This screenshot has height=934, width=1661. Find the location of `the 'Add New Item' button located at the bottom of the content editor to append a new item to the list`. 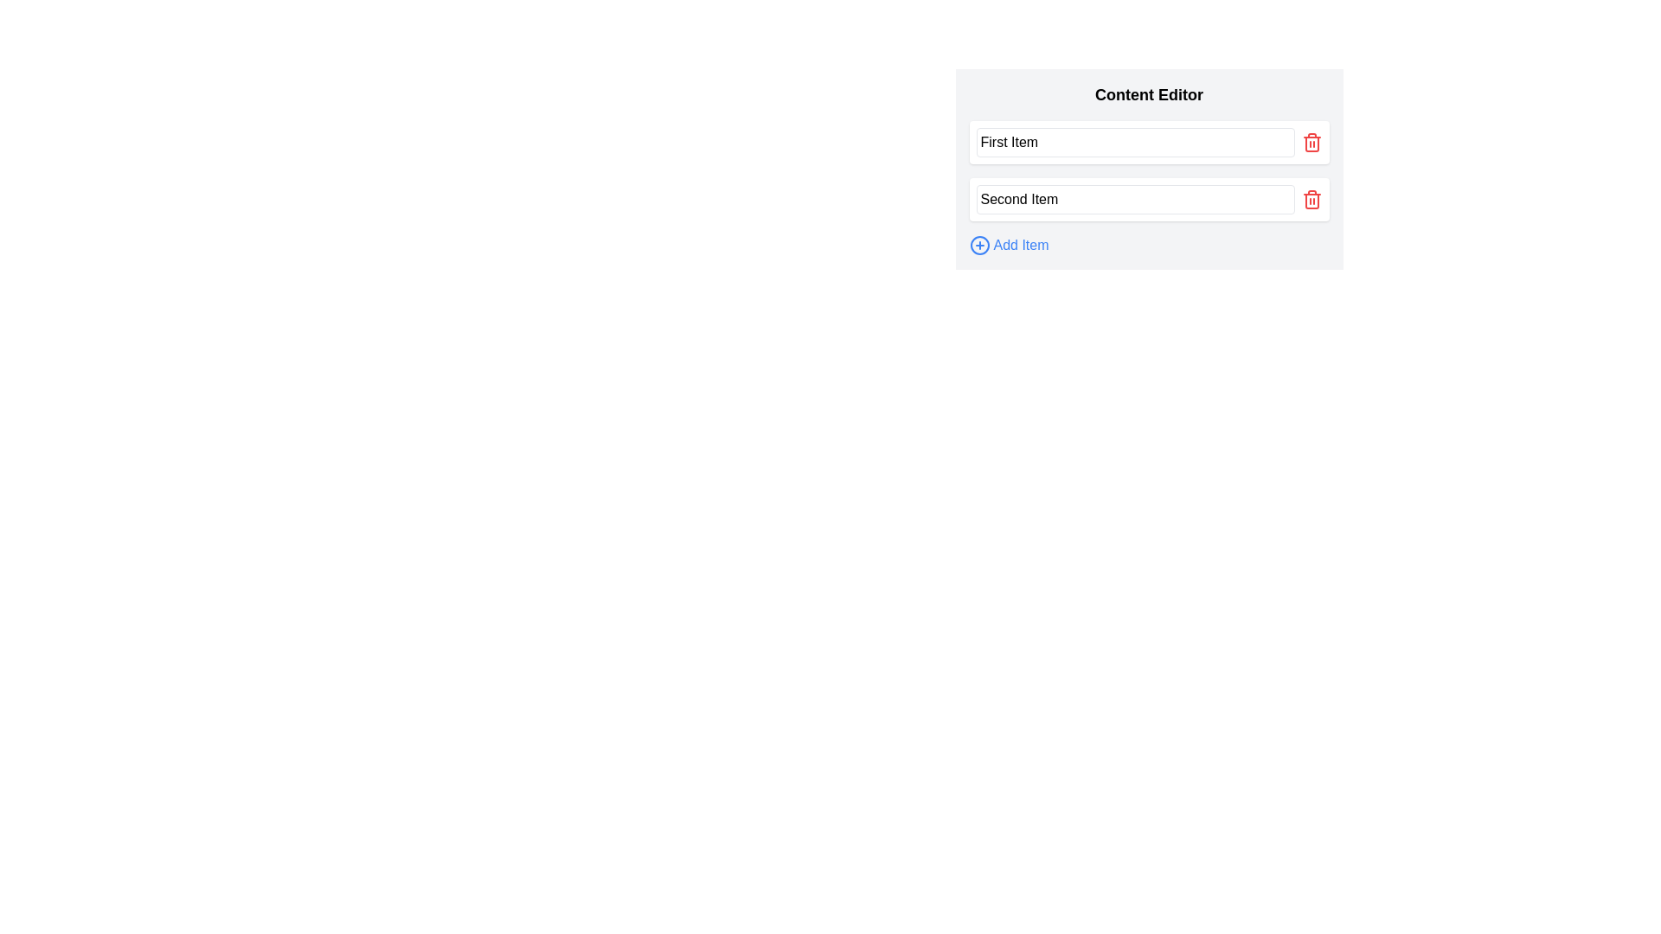

the 'Add New Item' button located at the bottom of the content editor to append a new item to the list is located at coordinates (1009, 246).